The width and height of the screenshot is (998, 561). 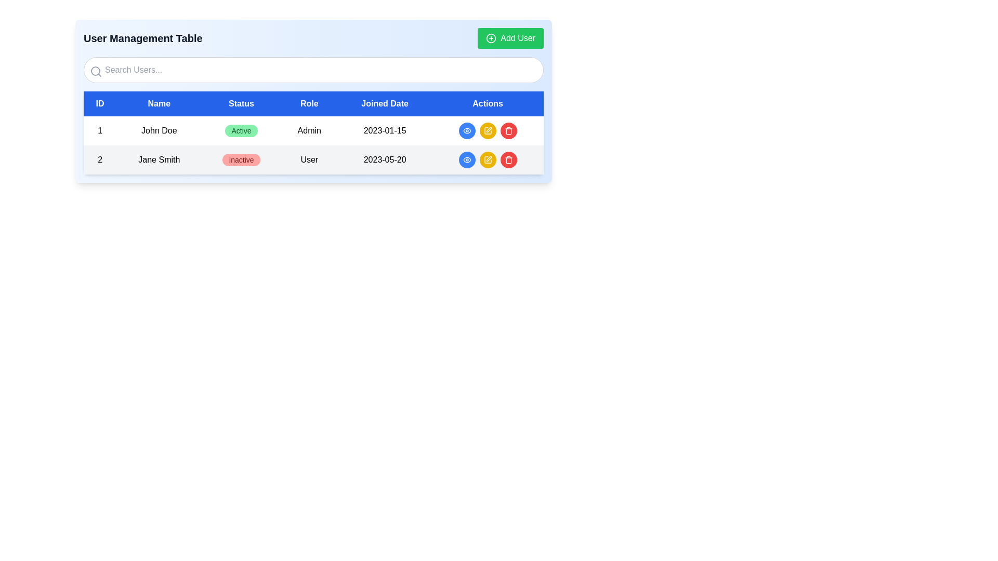 I want to click on the 'Edit' icon button in the 'Actions' column of the second row associated with 'Jane Smith', so click(x=487, y=130).